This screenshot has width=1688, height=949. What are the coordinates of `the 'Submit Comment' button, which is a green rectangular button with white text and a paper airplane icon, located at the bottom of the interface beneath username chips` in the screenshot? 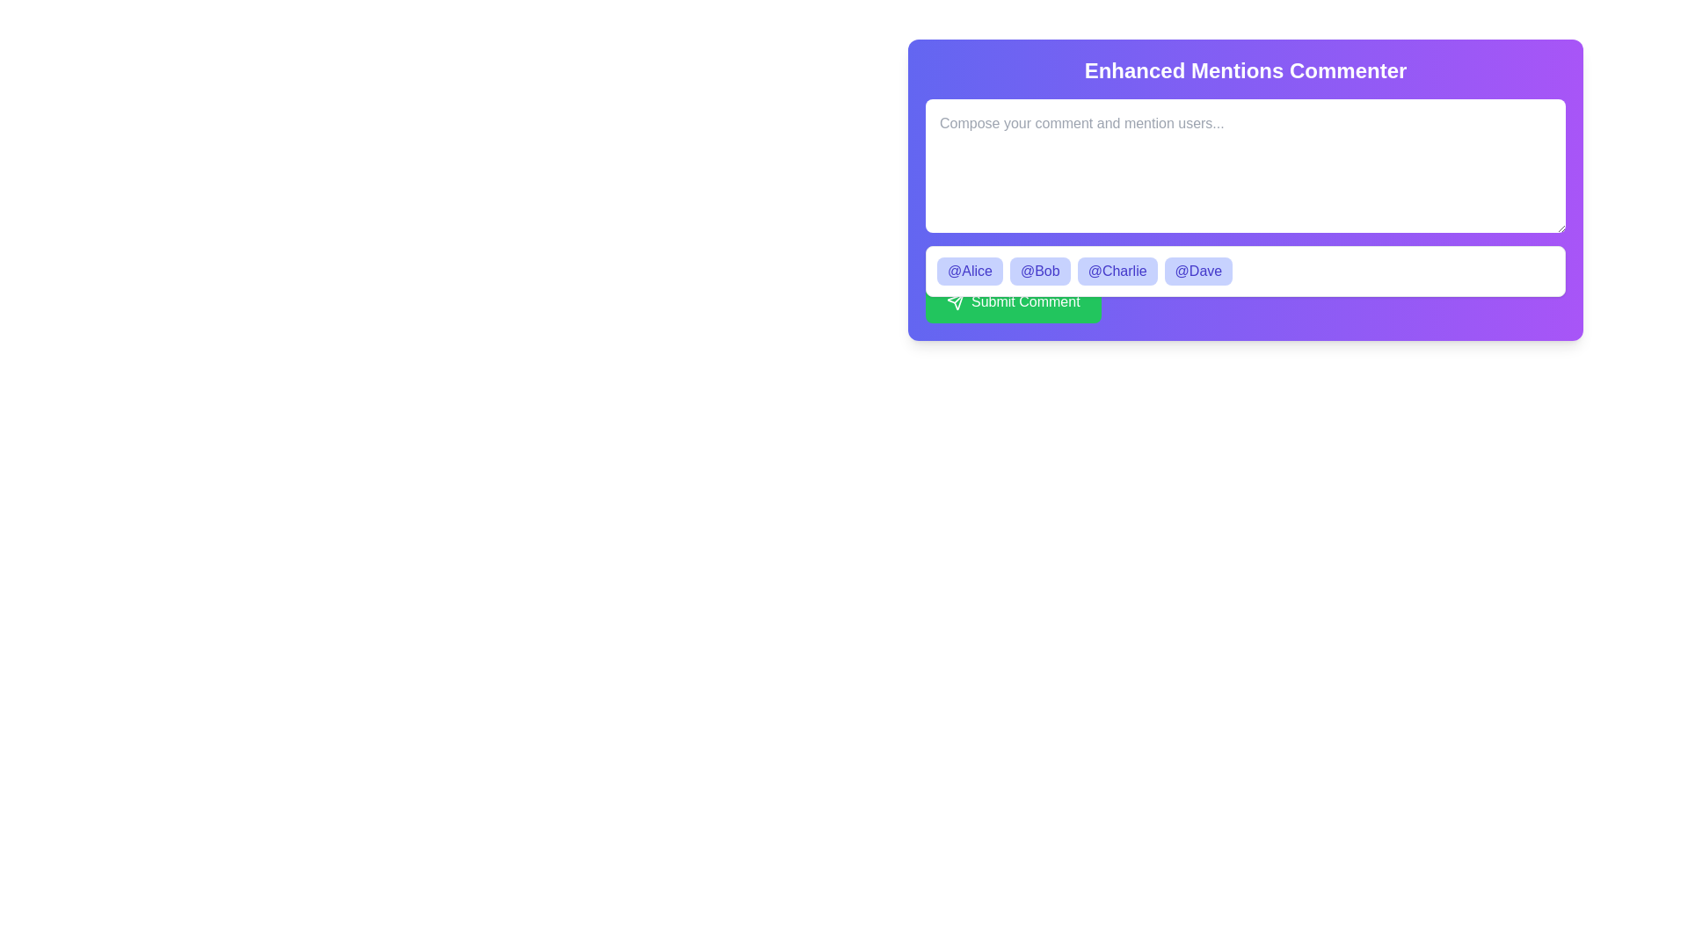 It's located at (1013, 301).